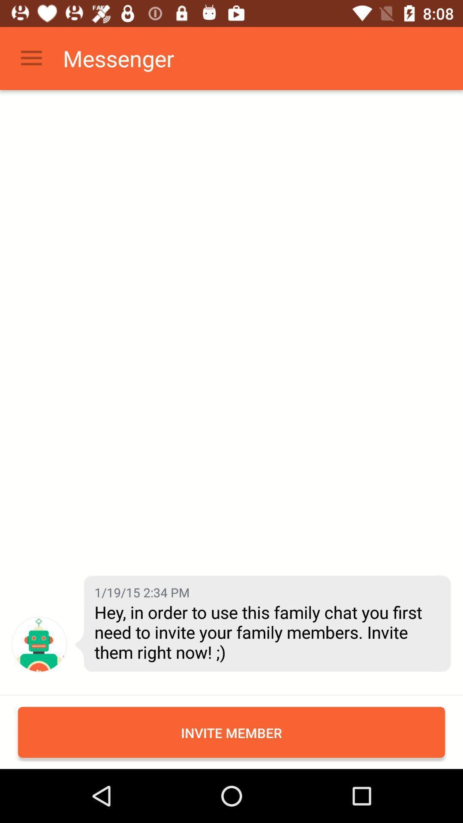 Image resolution: width=463 pixels, height=823 pixels. What do you see at coordinates (141, 592) in the screenshot?
I see `the item above hey in order icon` at bounding box center [141, 592].